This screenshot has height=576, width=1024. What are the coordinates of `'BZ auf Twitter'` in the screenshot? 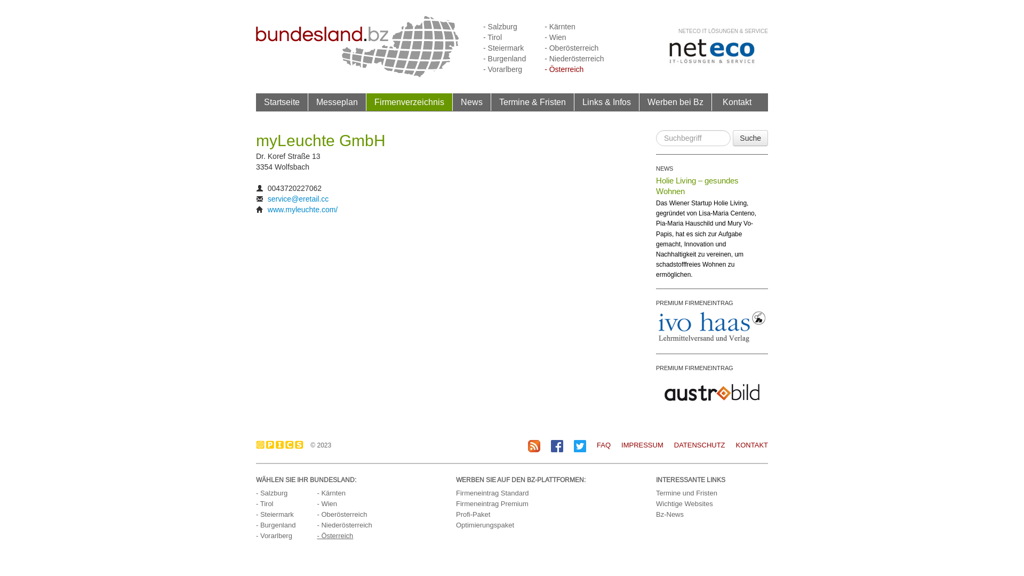 It's located at (573, 445).